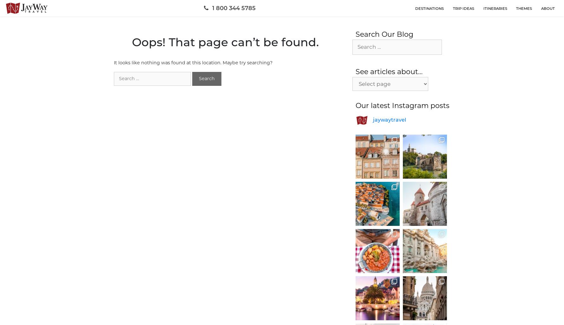 Image resolution: width=564 pixels, height=325 pixels. I want to click on 'Themes', so click(524, 8).